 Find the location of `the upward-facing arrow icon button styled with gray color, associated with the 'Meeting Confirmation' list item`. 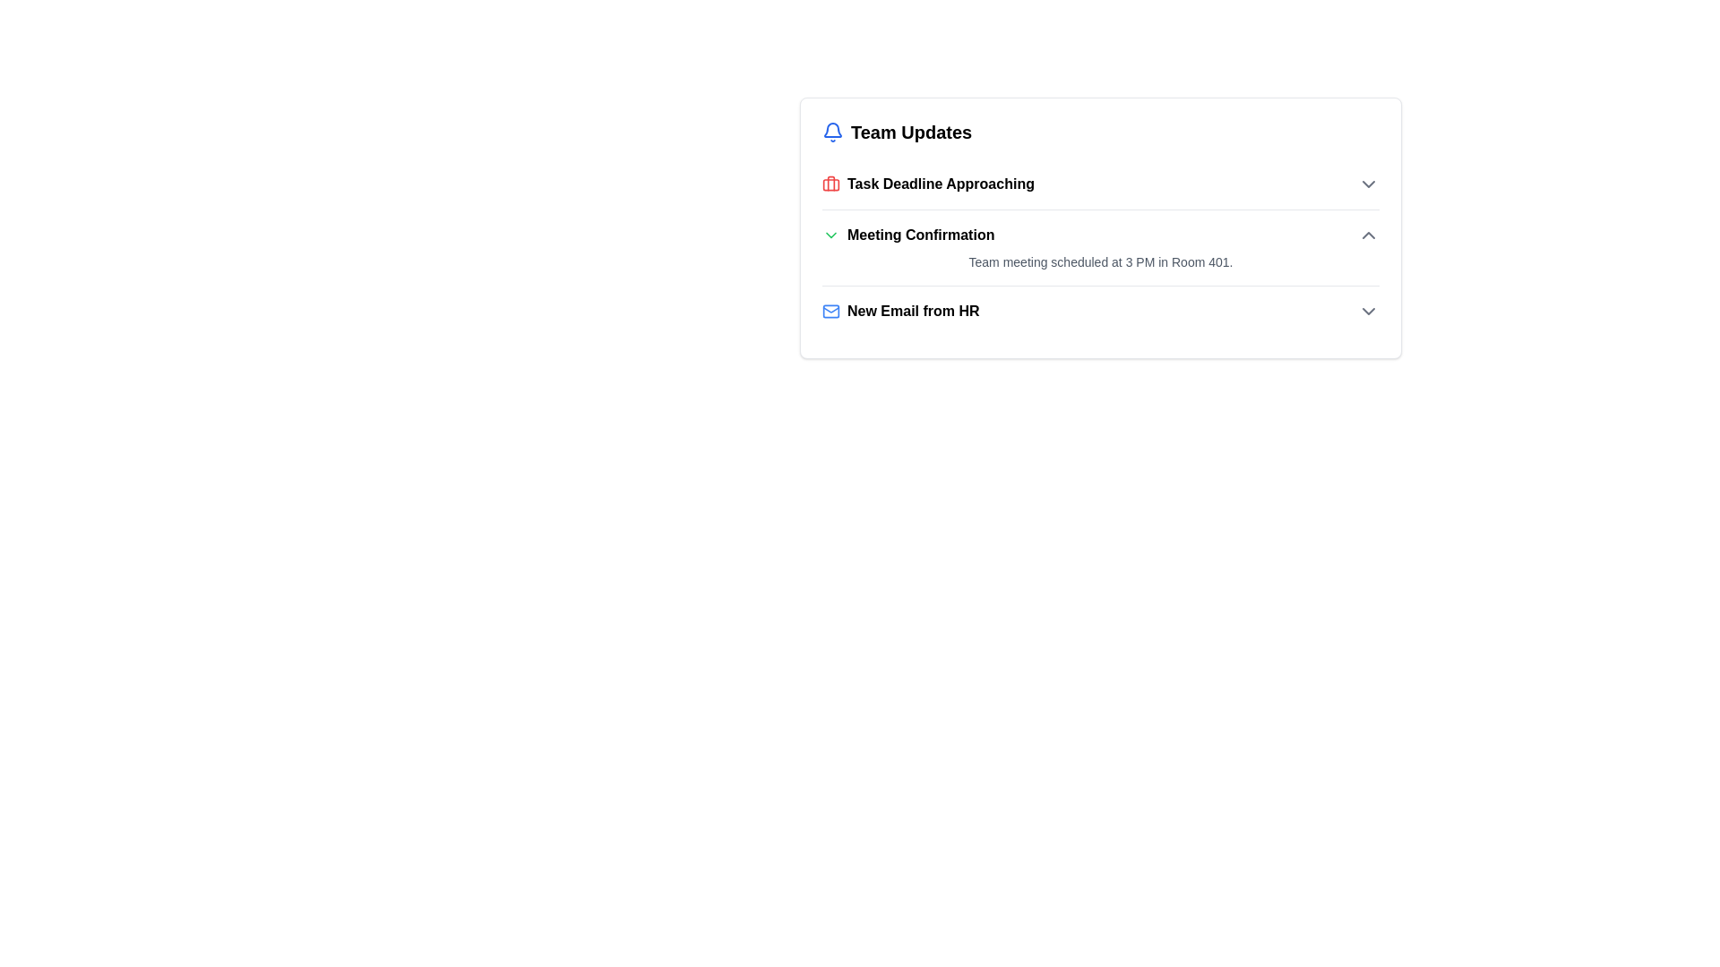

the upward-facing arrow icon button styled with gray color, associated with the 'Meeting Confirmation' list item is located at coordinates (1367, 234).